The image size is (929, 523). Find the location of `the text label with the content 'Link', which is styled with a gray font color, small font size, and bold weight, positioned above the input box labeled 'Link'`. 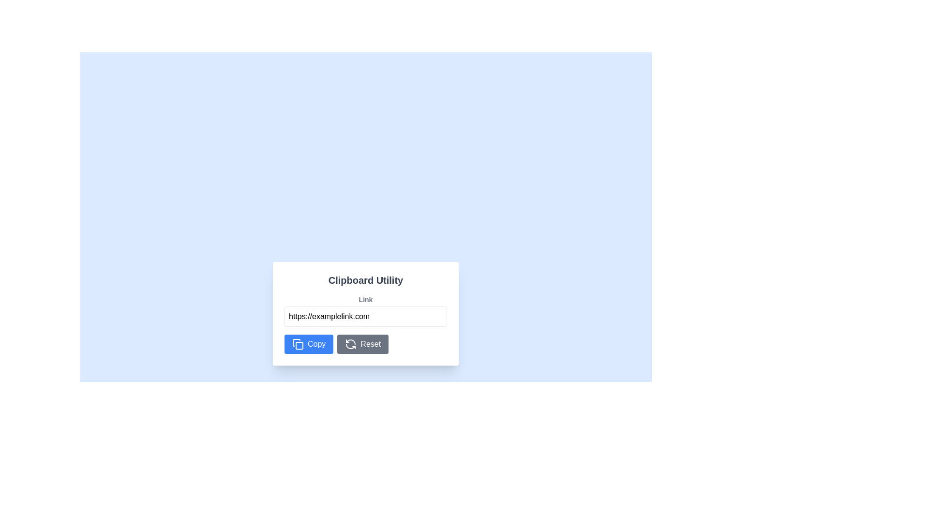

the text label with the content 'Link', which is styled with a gray font color, small font size, and bold weight, positioned above the input box labeled 'Link' is located at coordinates (365, 299).